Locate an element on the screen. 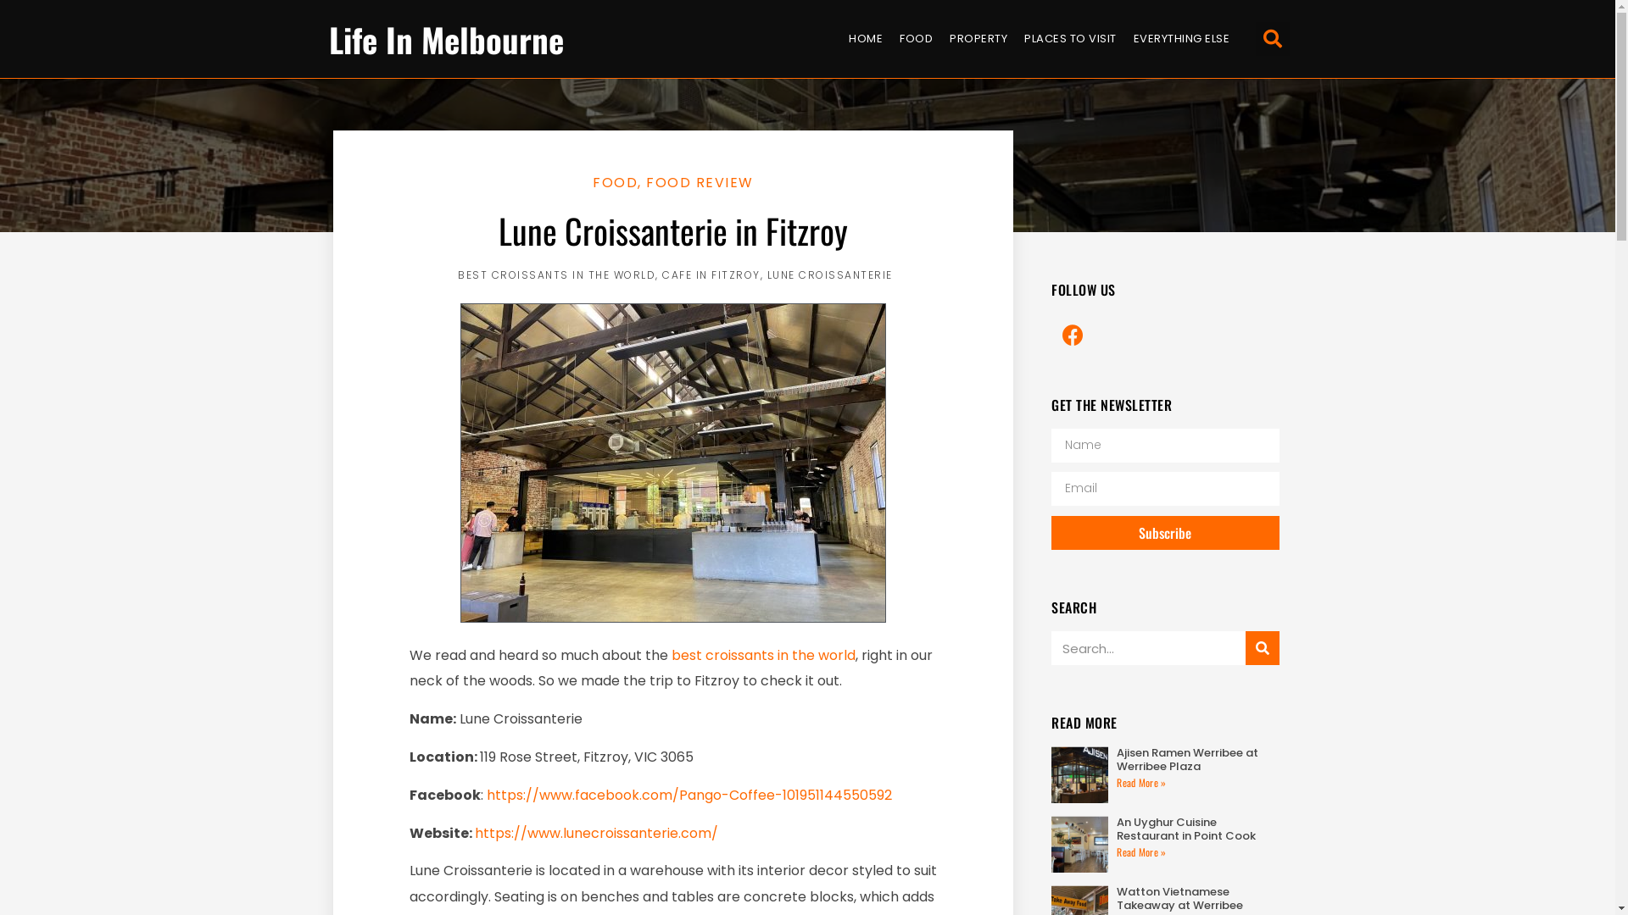 The height and width of the screenshot is (915, 1628). 'https://www.lunecroissanterie.com/' is located at coordinates (596, 832).